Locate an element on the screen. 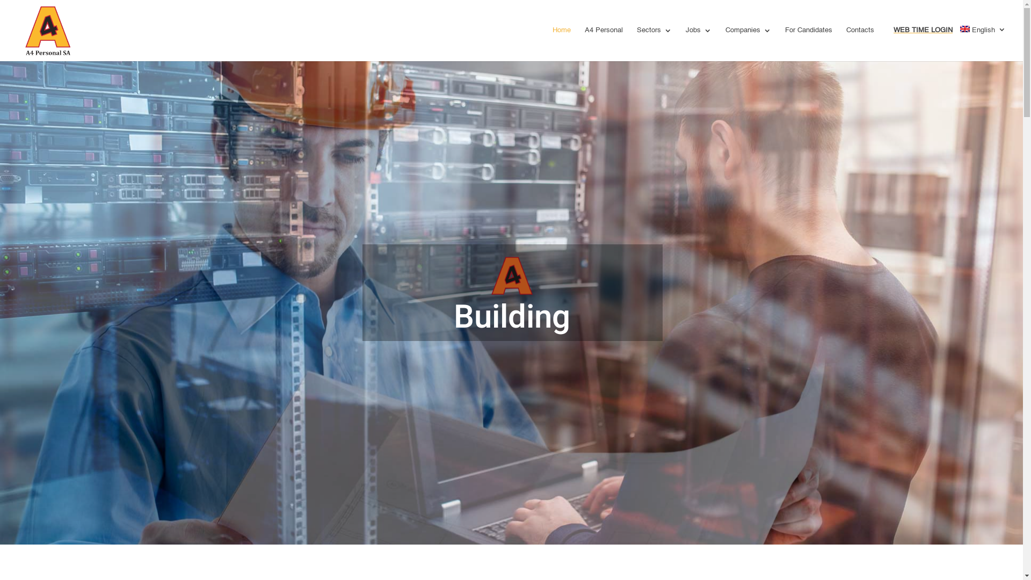 The height and width of the screenshot is (580, 1031). 'English' is located at coordinates (983, 41).